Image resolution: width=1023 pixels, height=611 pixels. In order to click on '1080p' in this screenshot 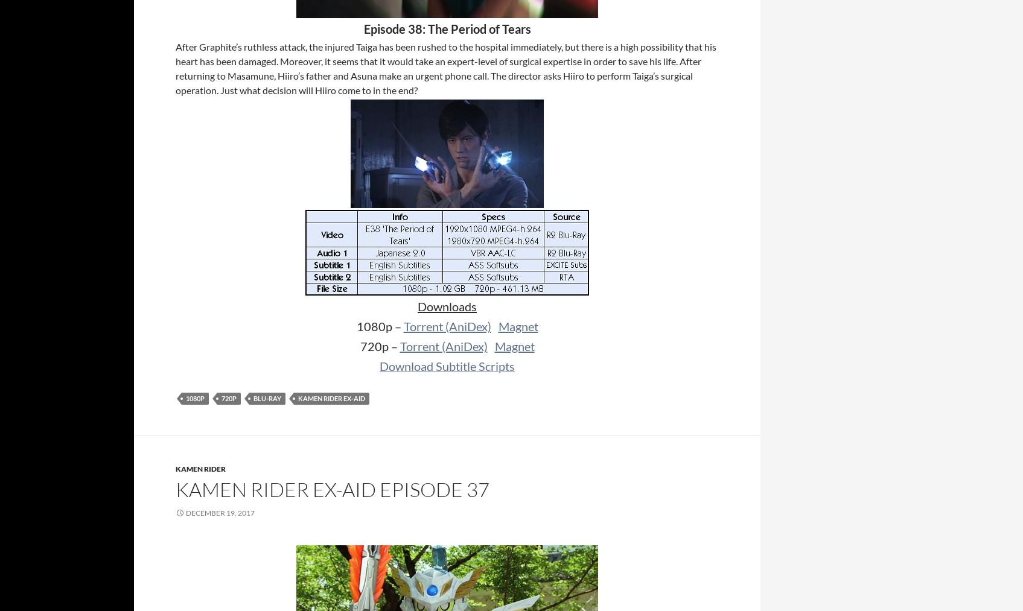, I will do `click(195, 397)`.